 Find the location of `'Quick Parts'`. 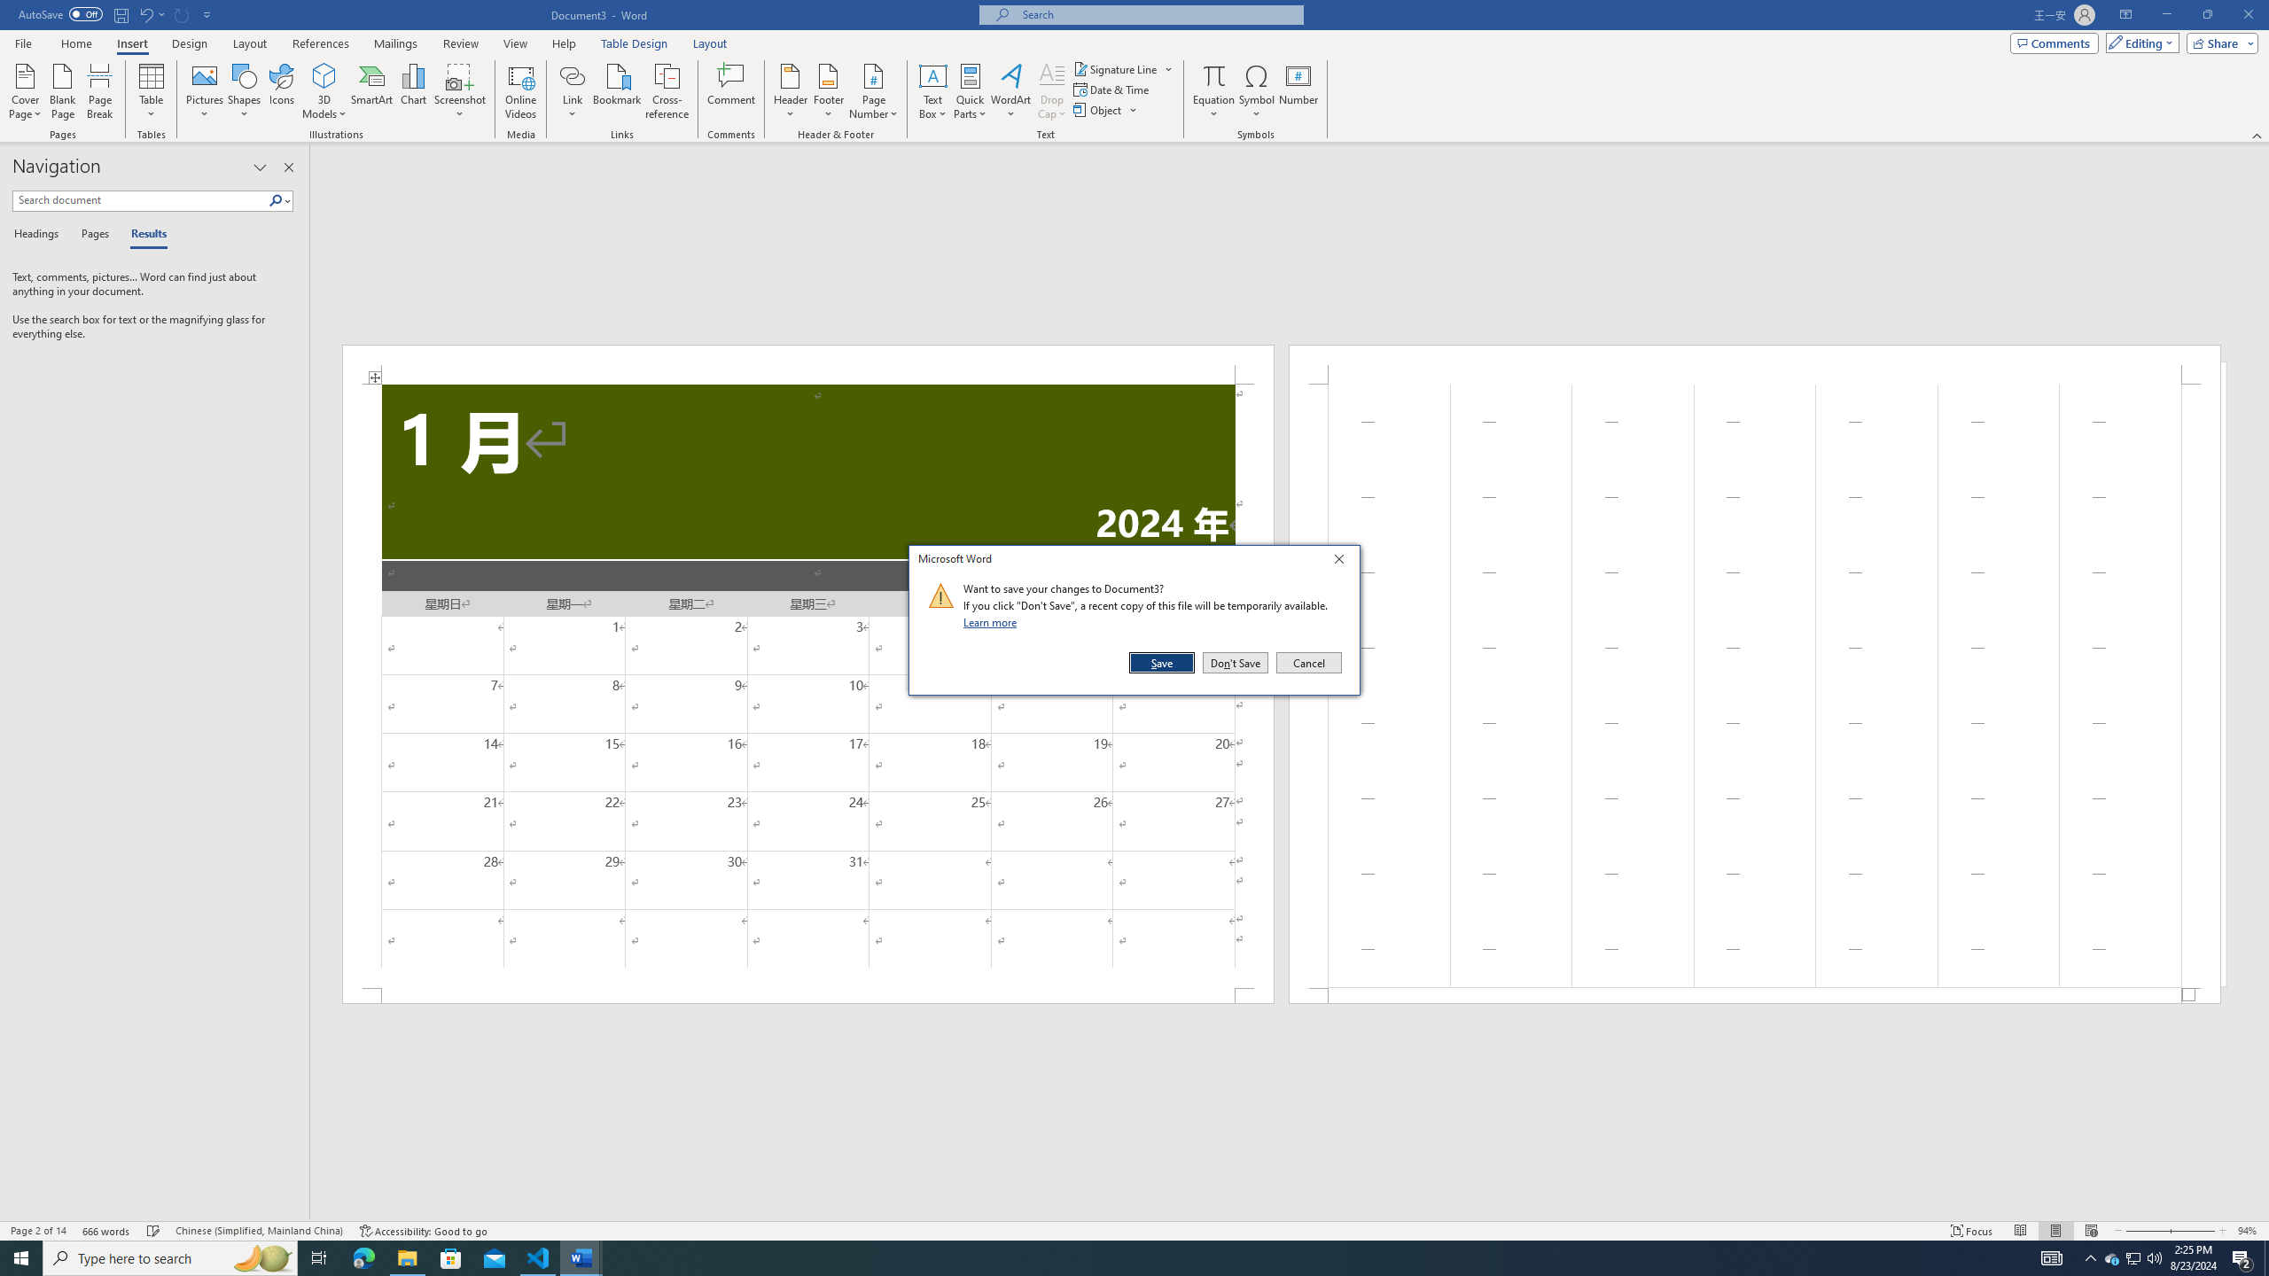

'Quick Parts' is located at coordinates (970, 91).